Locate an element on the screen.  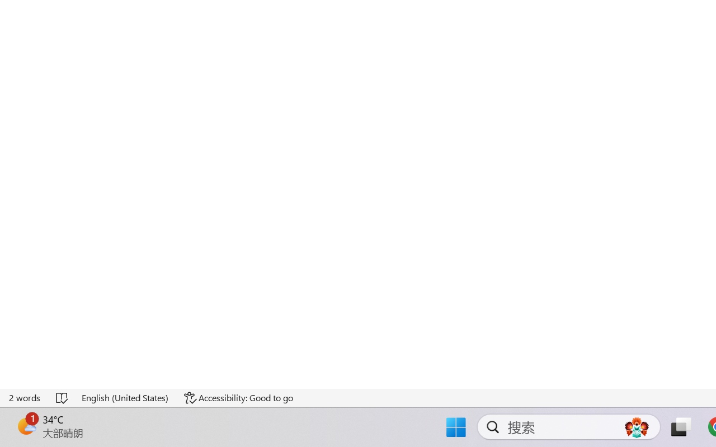
'Accessibility Checker Accessibility: Good to go' is located at coordinates (238, 397).